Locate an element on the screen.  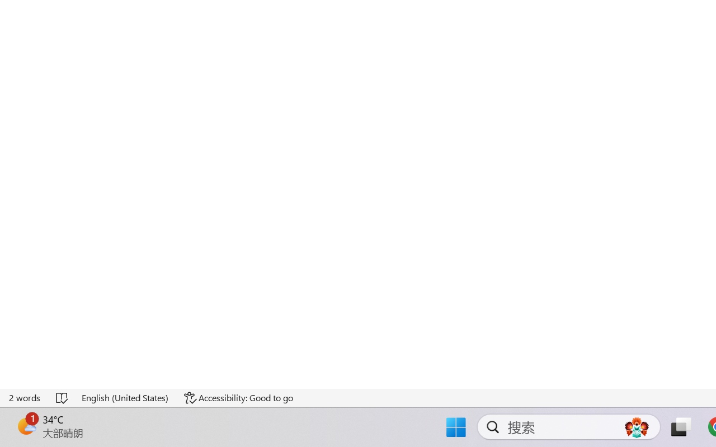
'Accessibility Checker Accessibility: Good to go' is located at coordinates (238, 397).